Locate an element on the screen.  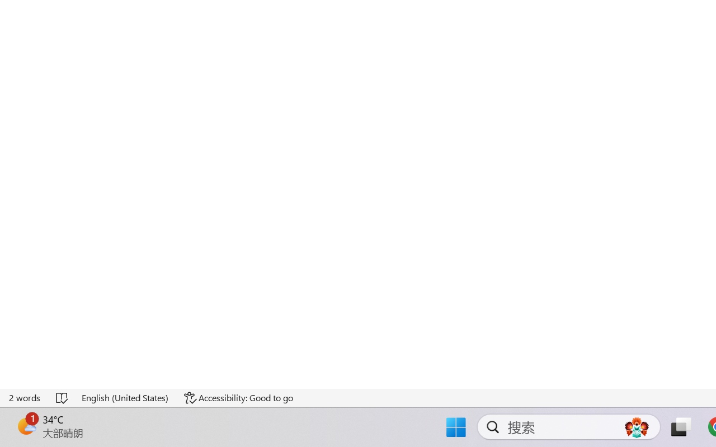
'Accessibility Checker Accessibility: Good to go' is located at coordinates (238, 397).